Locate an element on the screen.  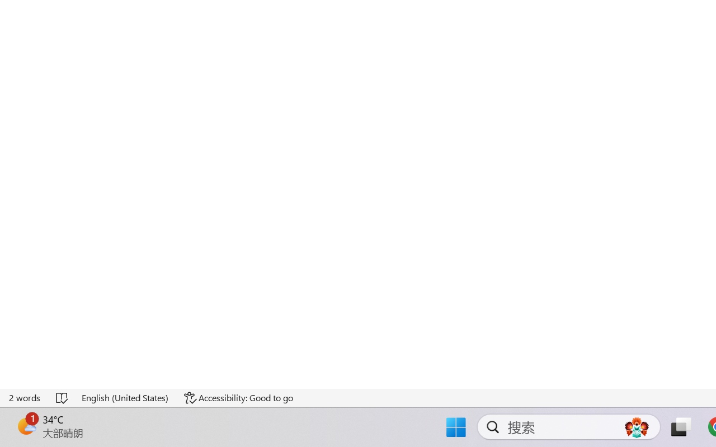
'Accessibility Checker Accessibility: Good to go' is located at coordinates (238, 397).